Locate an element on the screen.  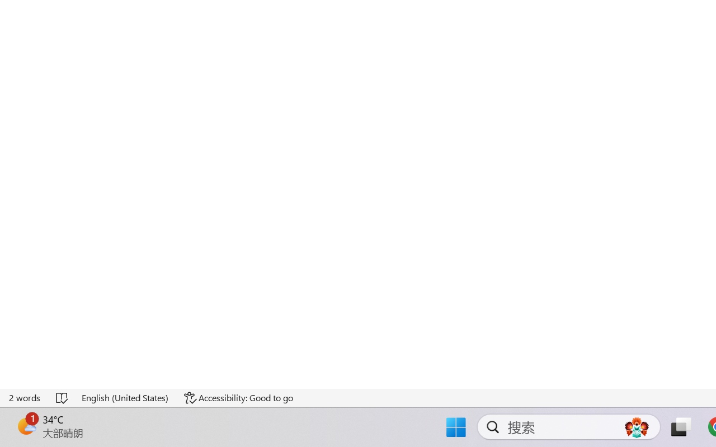
'Accessibility Checker Accessibility: Good to go' is located at coordinates (238, 397).